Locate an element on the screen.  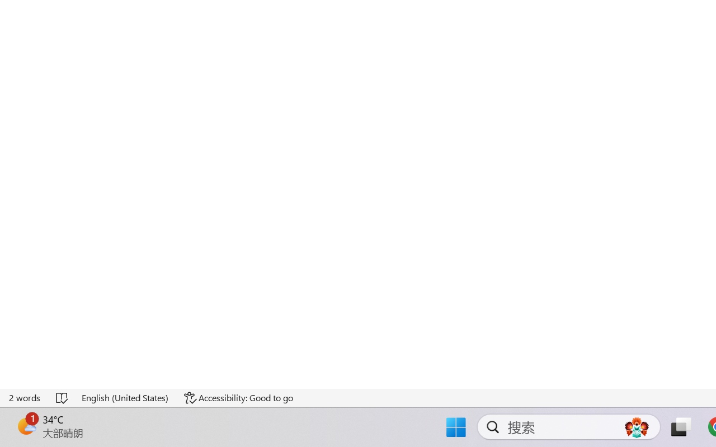
'Accessibility Checker Accessibility: Good to go' is located at coordinates (238, 397).